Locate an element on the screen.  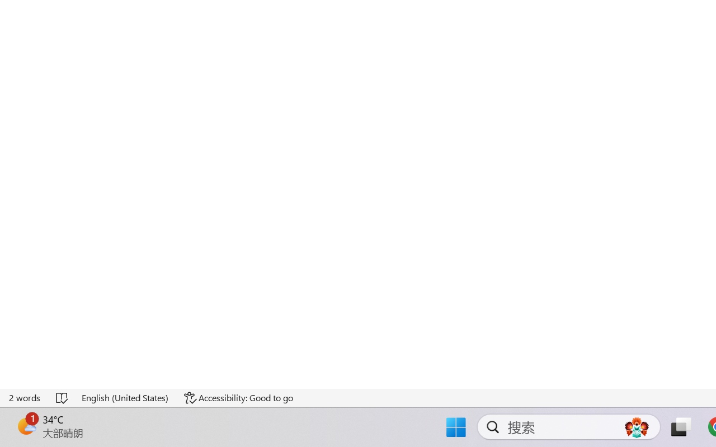
'Accessibility Checker Accessibility: Good to go' is located at coordinates (238, 397).